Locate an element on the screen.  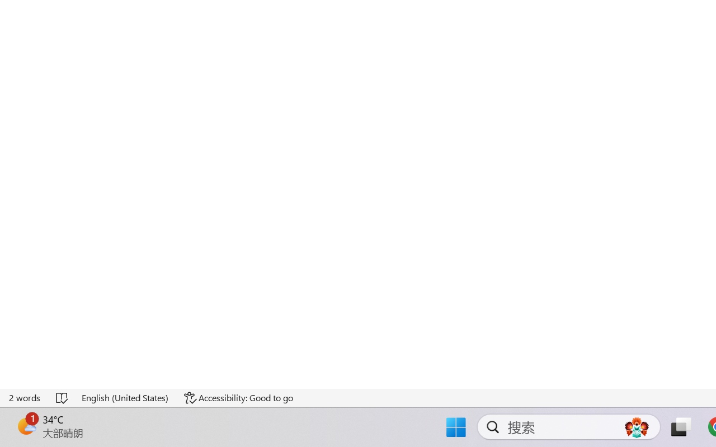
'Accessibility Checker Accessibility: Good to go' is located at coordinates (238, 397).